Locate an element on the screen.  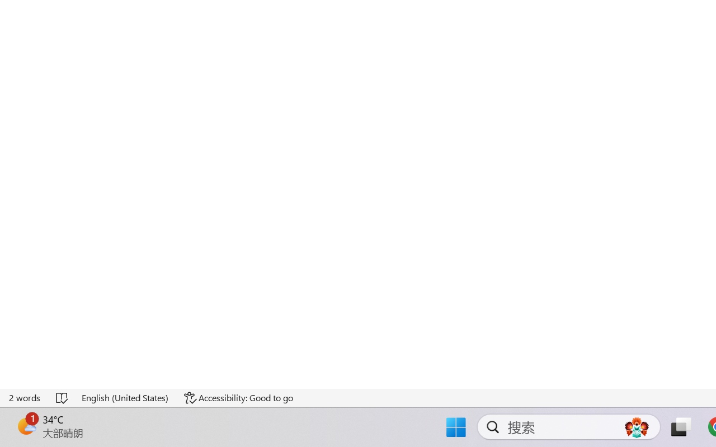
'Accessibility Checker Accessibility: Good to go' is located at coordinates (238, 397).